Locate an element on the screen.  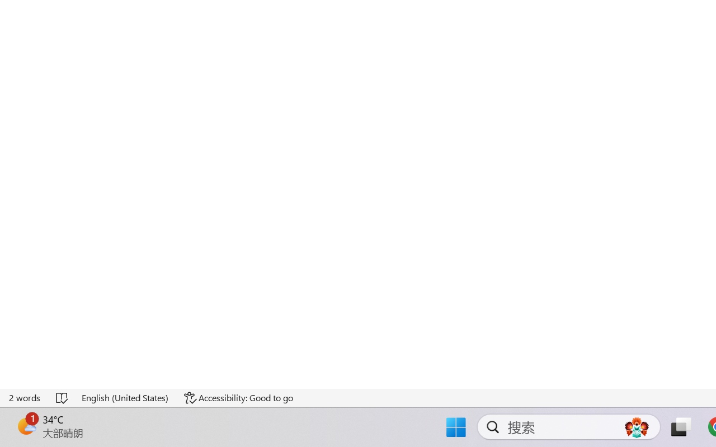
'Accessibility Checker Accessibility: Good to go' is located at coordinates (238, 397).